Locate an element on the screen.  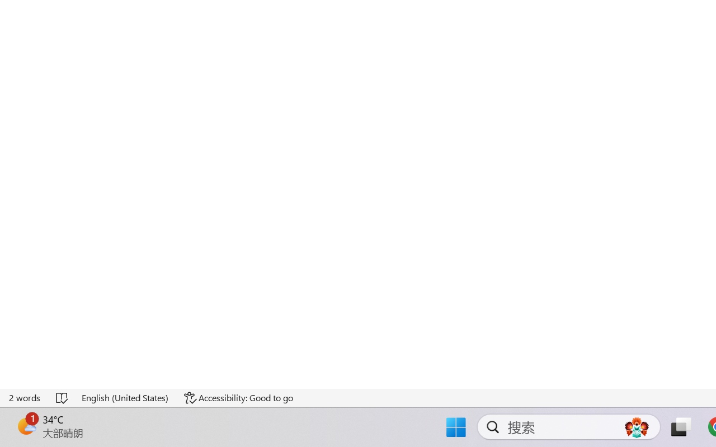
'Accessibility Checker Accessibility: Good to go' is located at coordinates (238, 397).